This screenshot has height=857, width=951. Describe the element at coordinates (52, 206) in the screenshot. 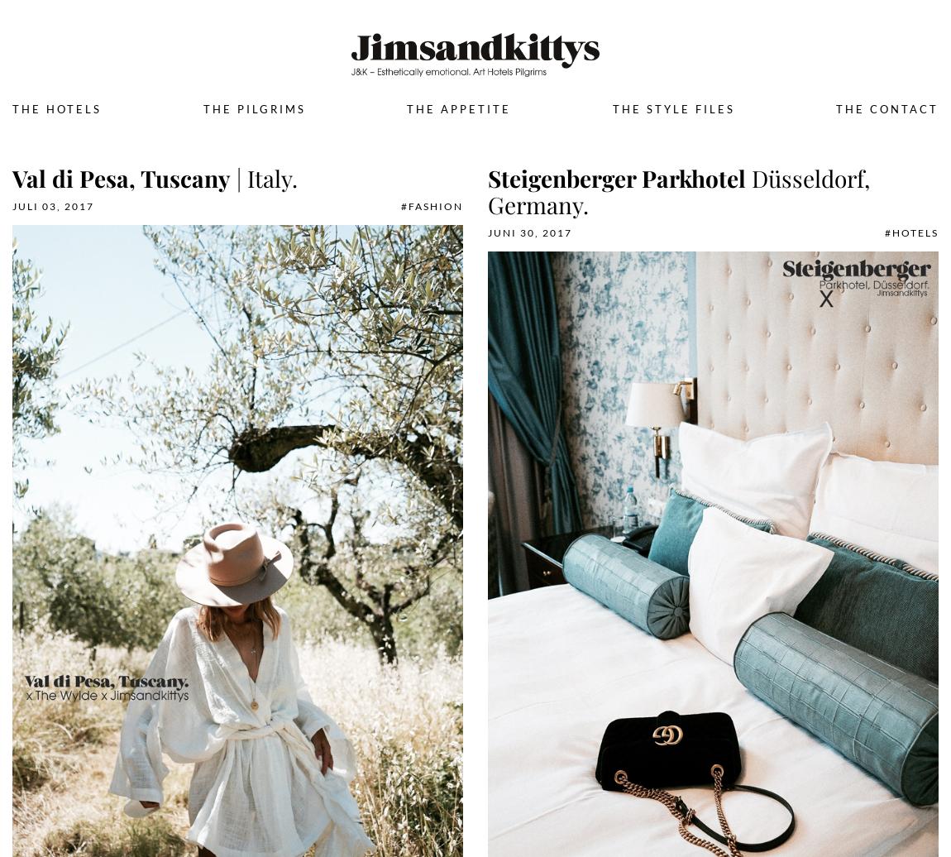

I see `'Juli 03, 2017'` at that location.